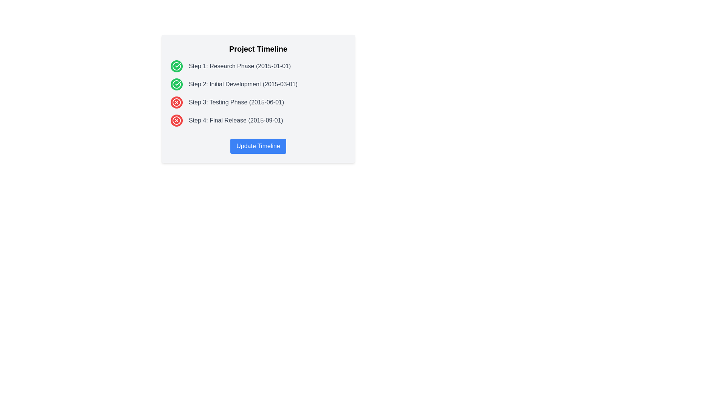 The width and height of the screenshot is (725, 407). What do you see at coordinates (176, 66) in the screenshot?
I see `the visual state of the first circular icon indicating 'completed' status for 'Step 1: Research Phase' in the 'Project Timeline' section` at bounding box center [176, 66].